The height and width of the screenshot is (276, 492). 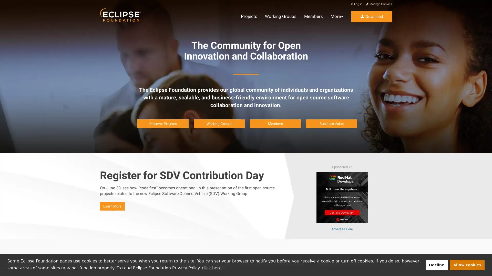 I want to click on learn more about cookies, so click(x=212, y=268).